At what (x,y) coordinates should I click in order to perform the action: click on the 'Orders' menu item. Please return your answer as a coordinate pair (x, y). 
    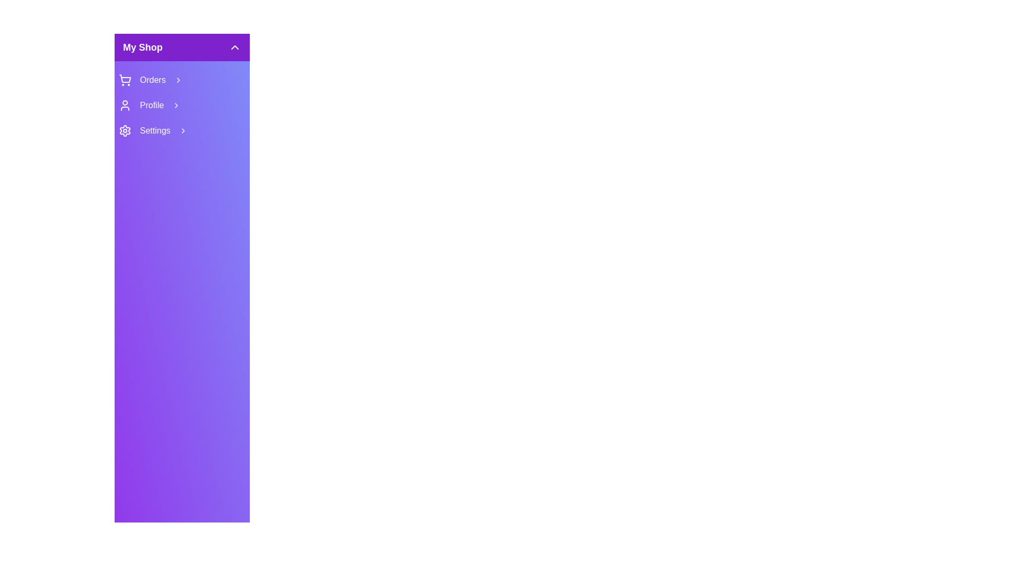
    Looking at the image, I should click on (182, 79).